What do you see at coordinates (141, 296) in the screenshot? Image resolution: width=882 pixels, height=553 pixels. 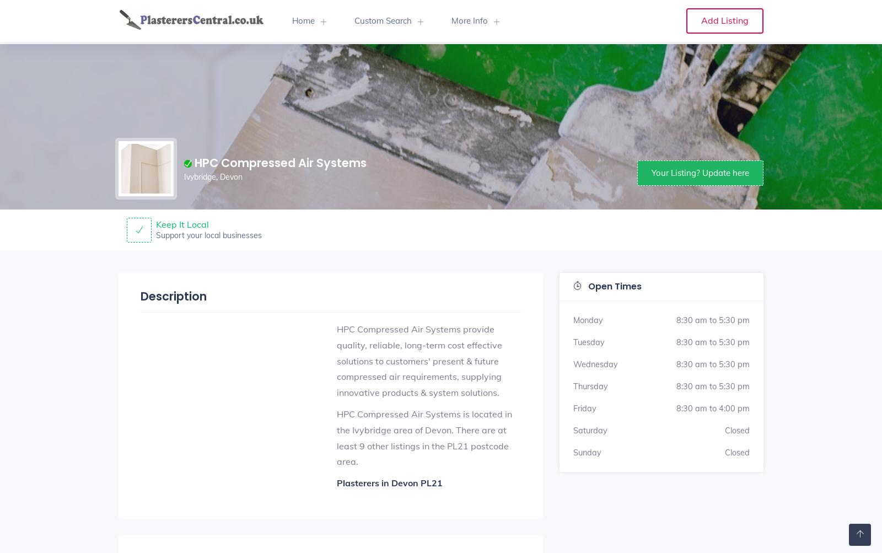 I see `'Description'` at bounding box center [141, 296].